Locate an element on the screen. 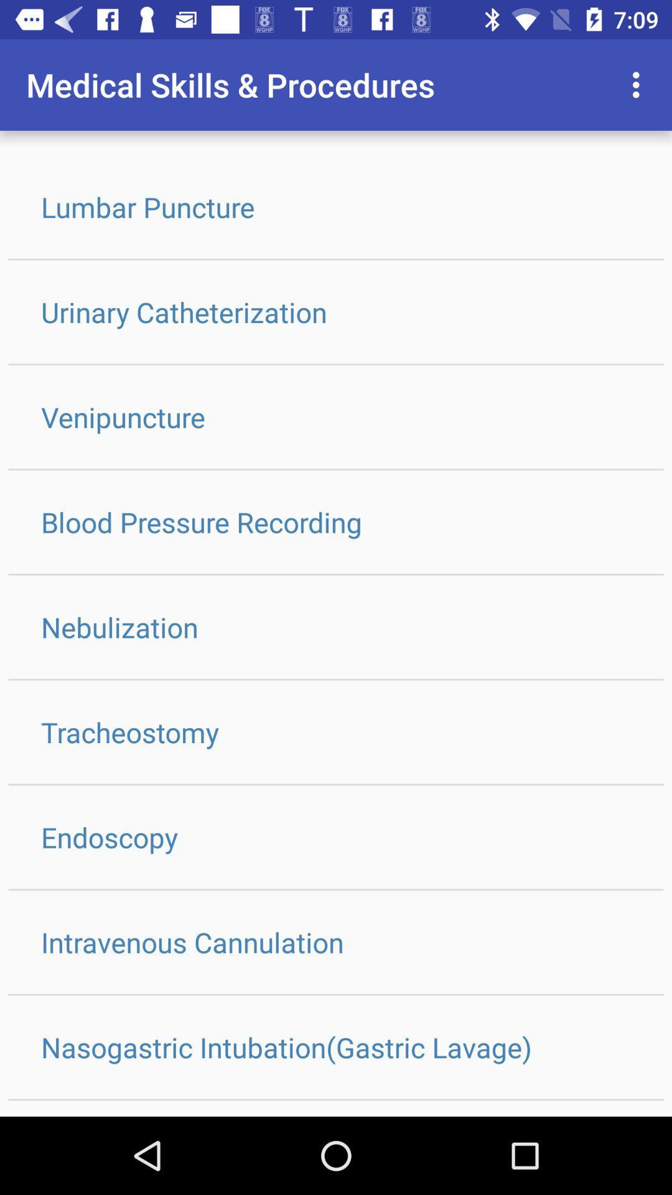 The width and height of the screenshot is (672, 1195). lumbar puncture icon is located at coordinates (336, 207).